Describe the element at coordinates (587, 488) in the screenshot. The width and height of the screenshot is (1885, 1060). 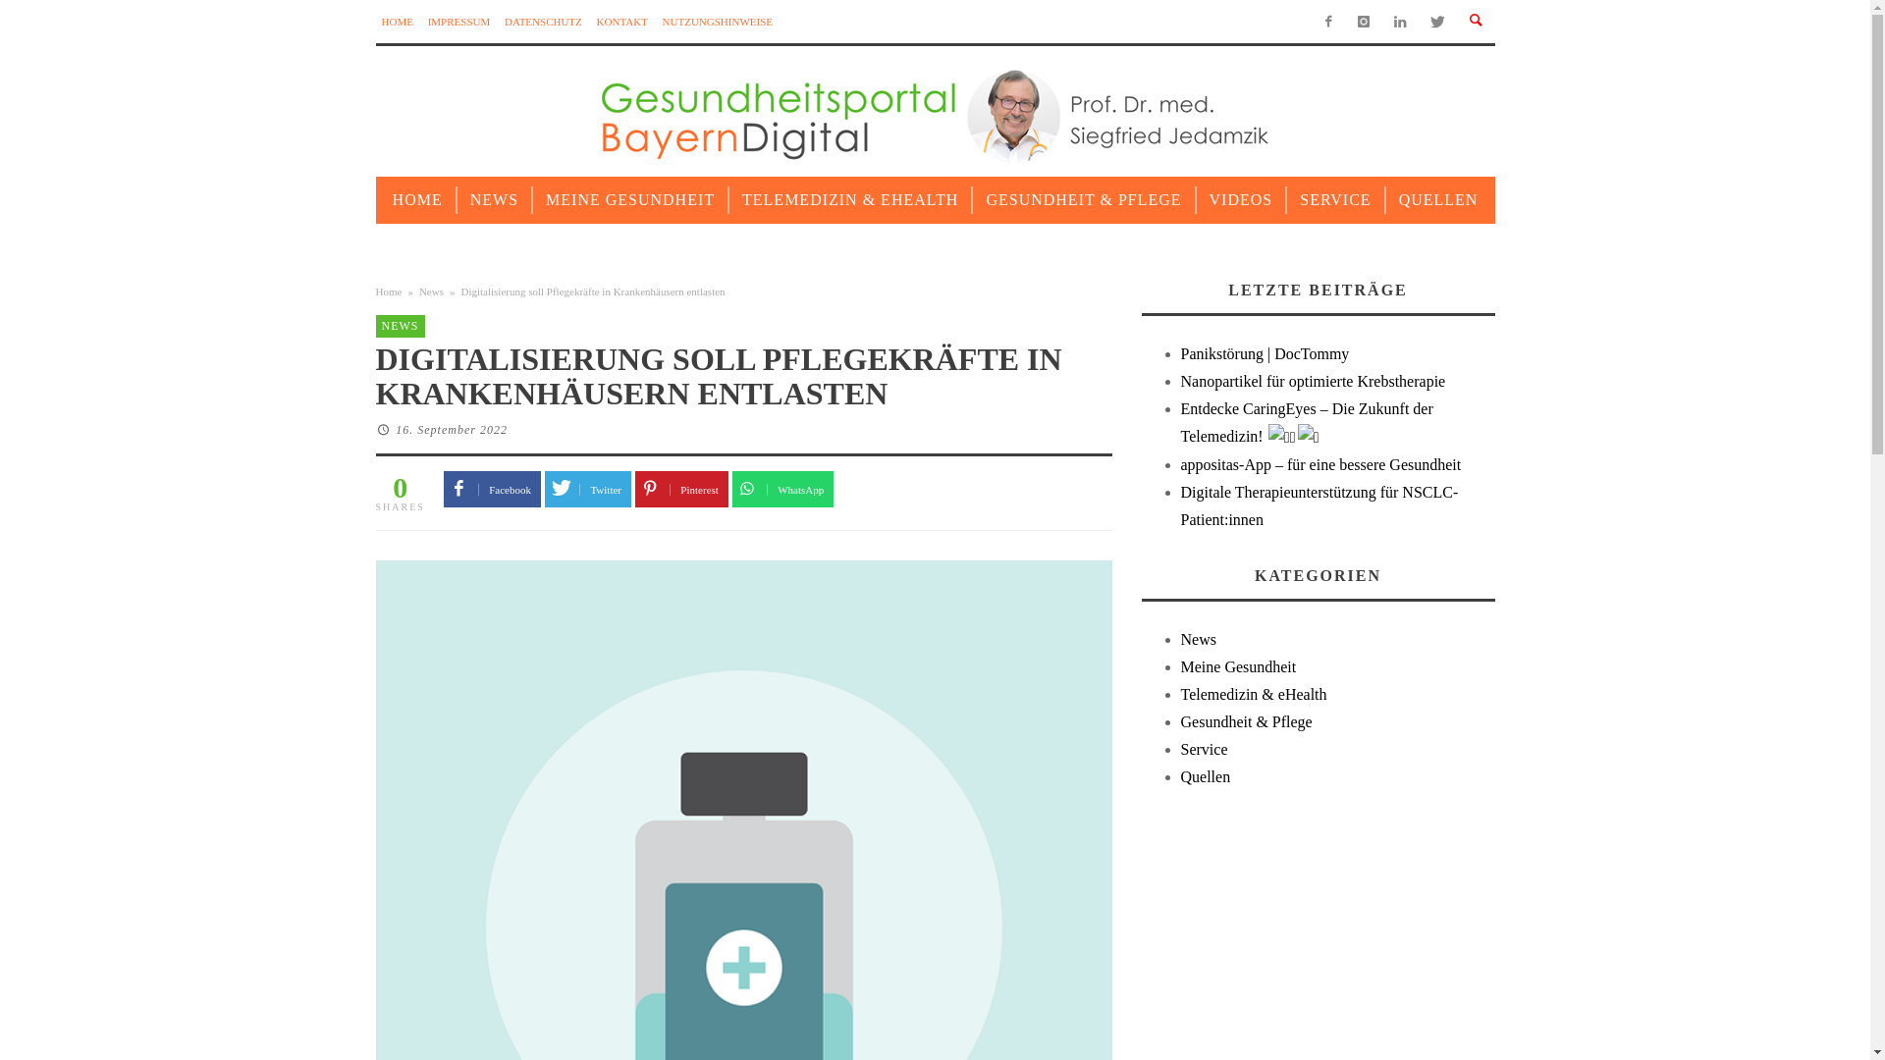
I see `'Twitter'` at that location.